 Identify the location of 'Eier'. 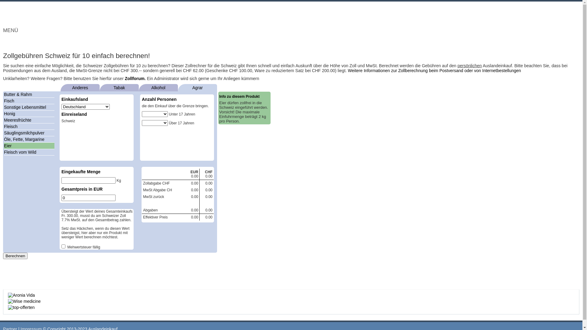
(8, 146).